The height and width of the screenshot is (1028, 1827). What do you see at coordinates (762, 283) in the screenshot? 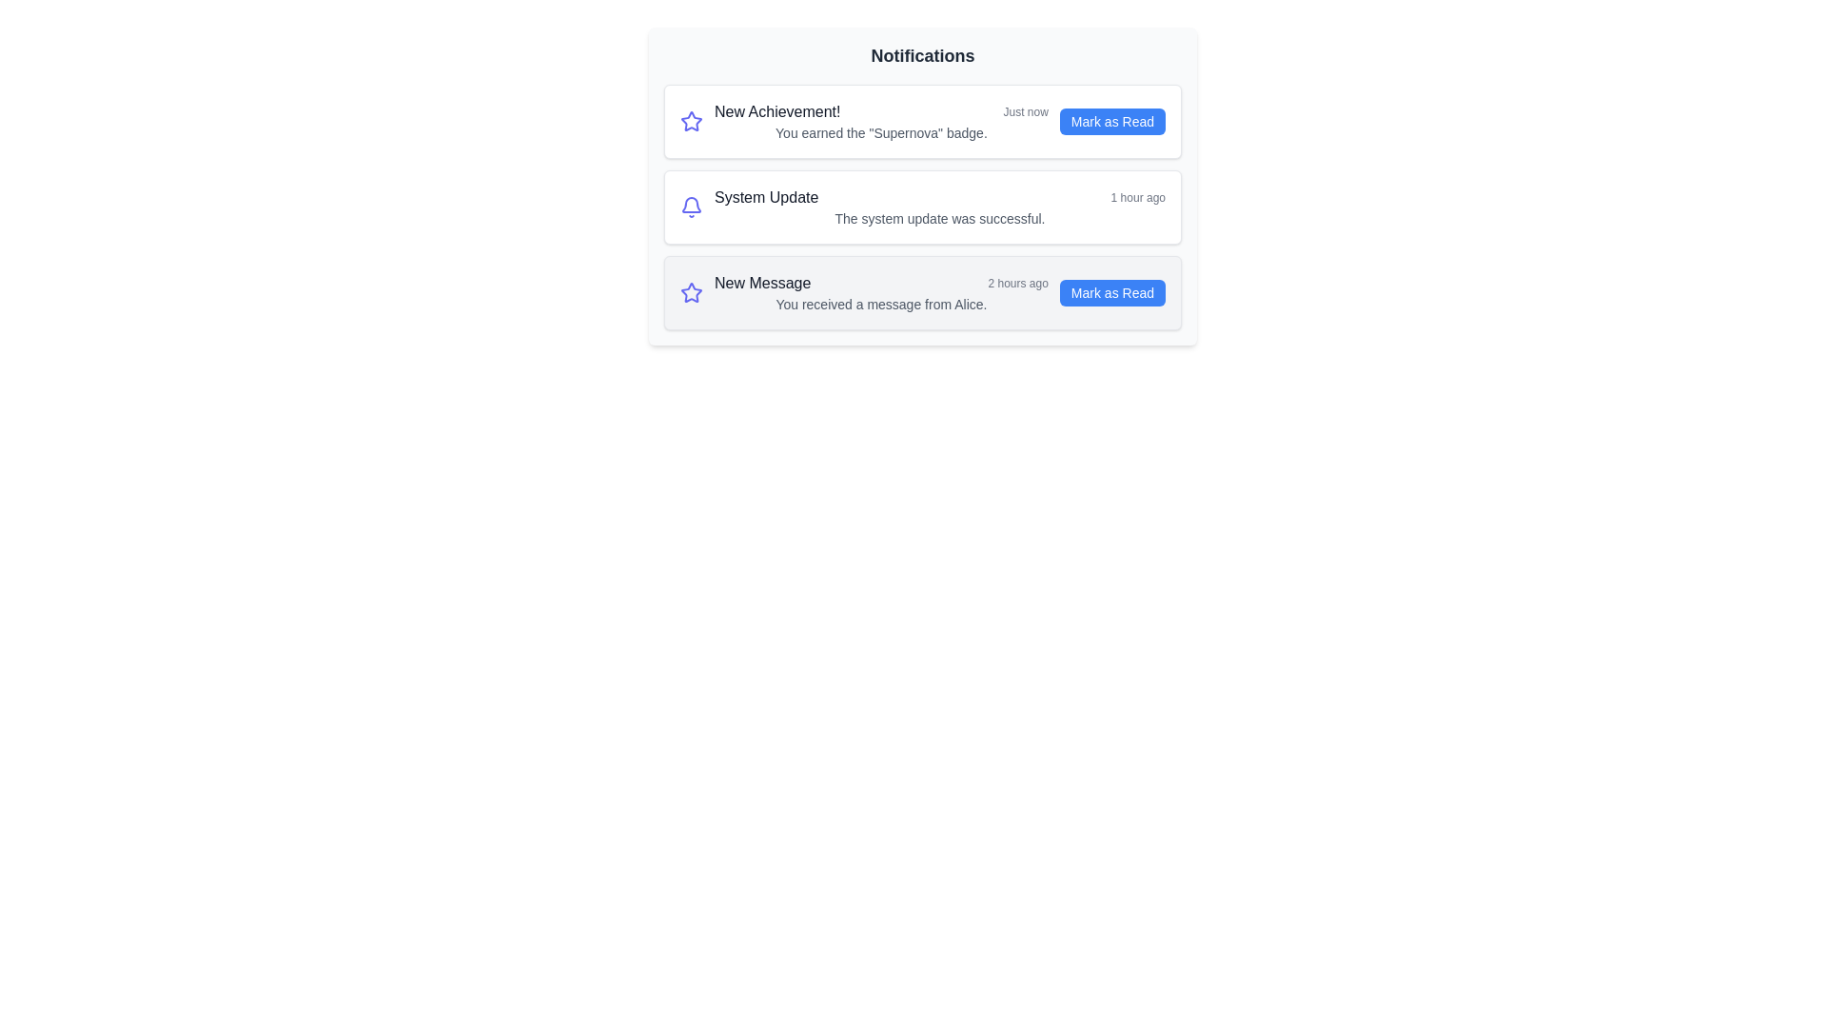
I see `the 'New Message' text label, which is styled with a medium font weight and gray-black color, located centrally in the lower section of a notification card, before the timestamp text` at bounding box center [762, 283].